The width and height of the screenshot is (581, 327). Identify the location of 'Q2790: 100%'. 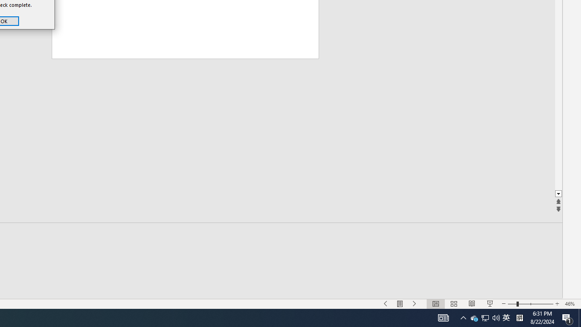
(496, 317).